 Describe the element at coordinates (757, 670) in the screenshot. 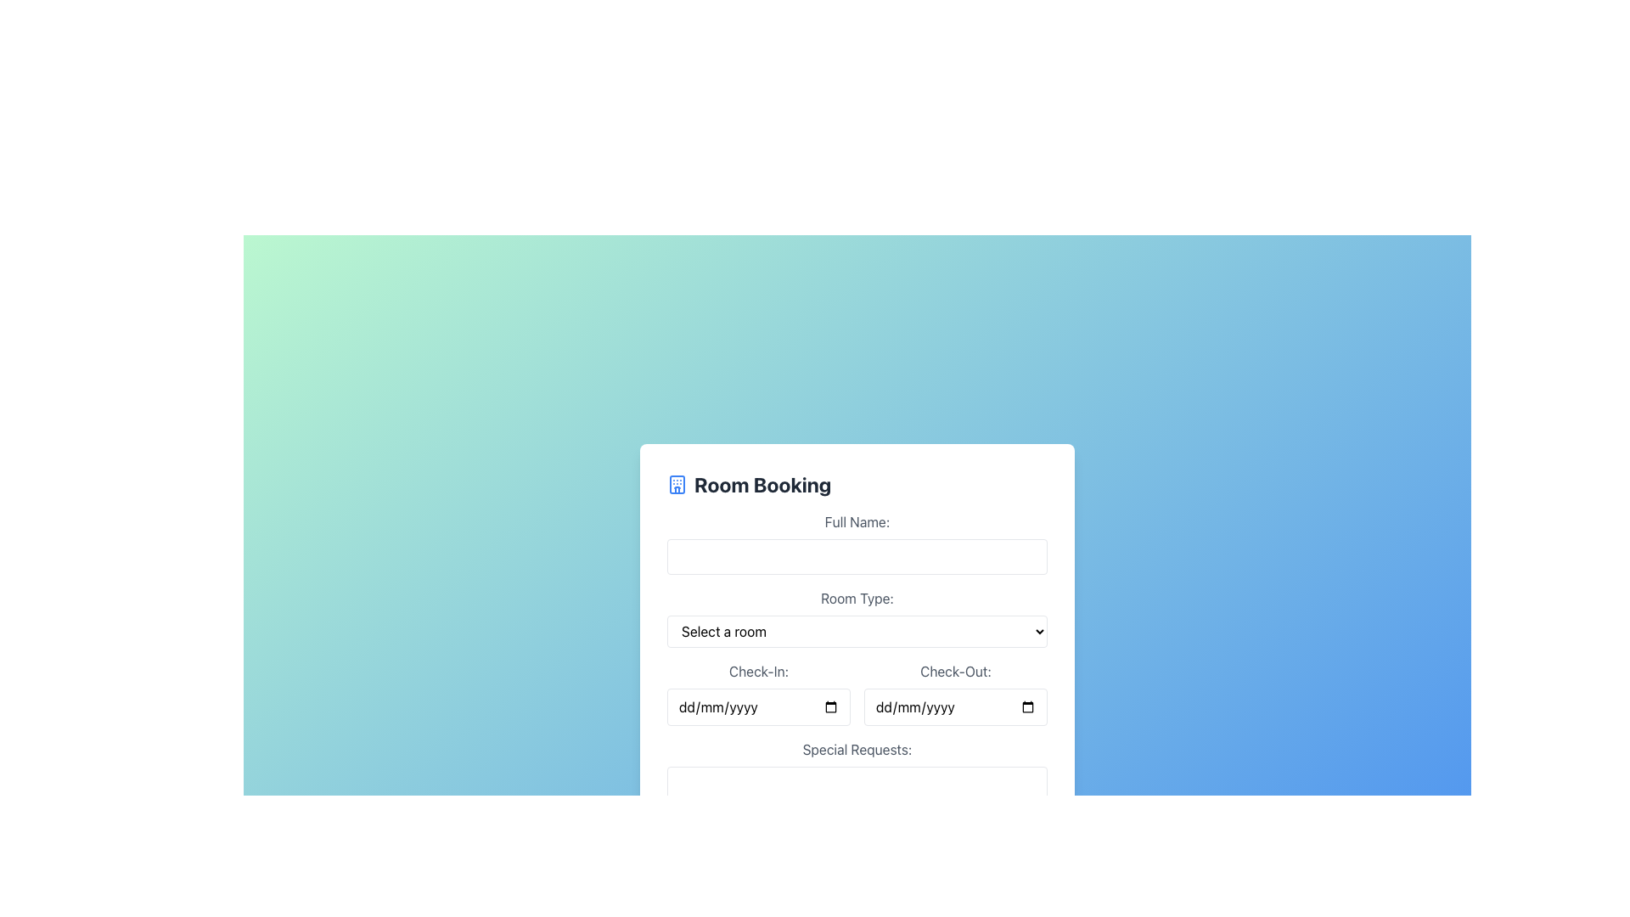

I see `the label indicating 'Check-In Date'` at that location.